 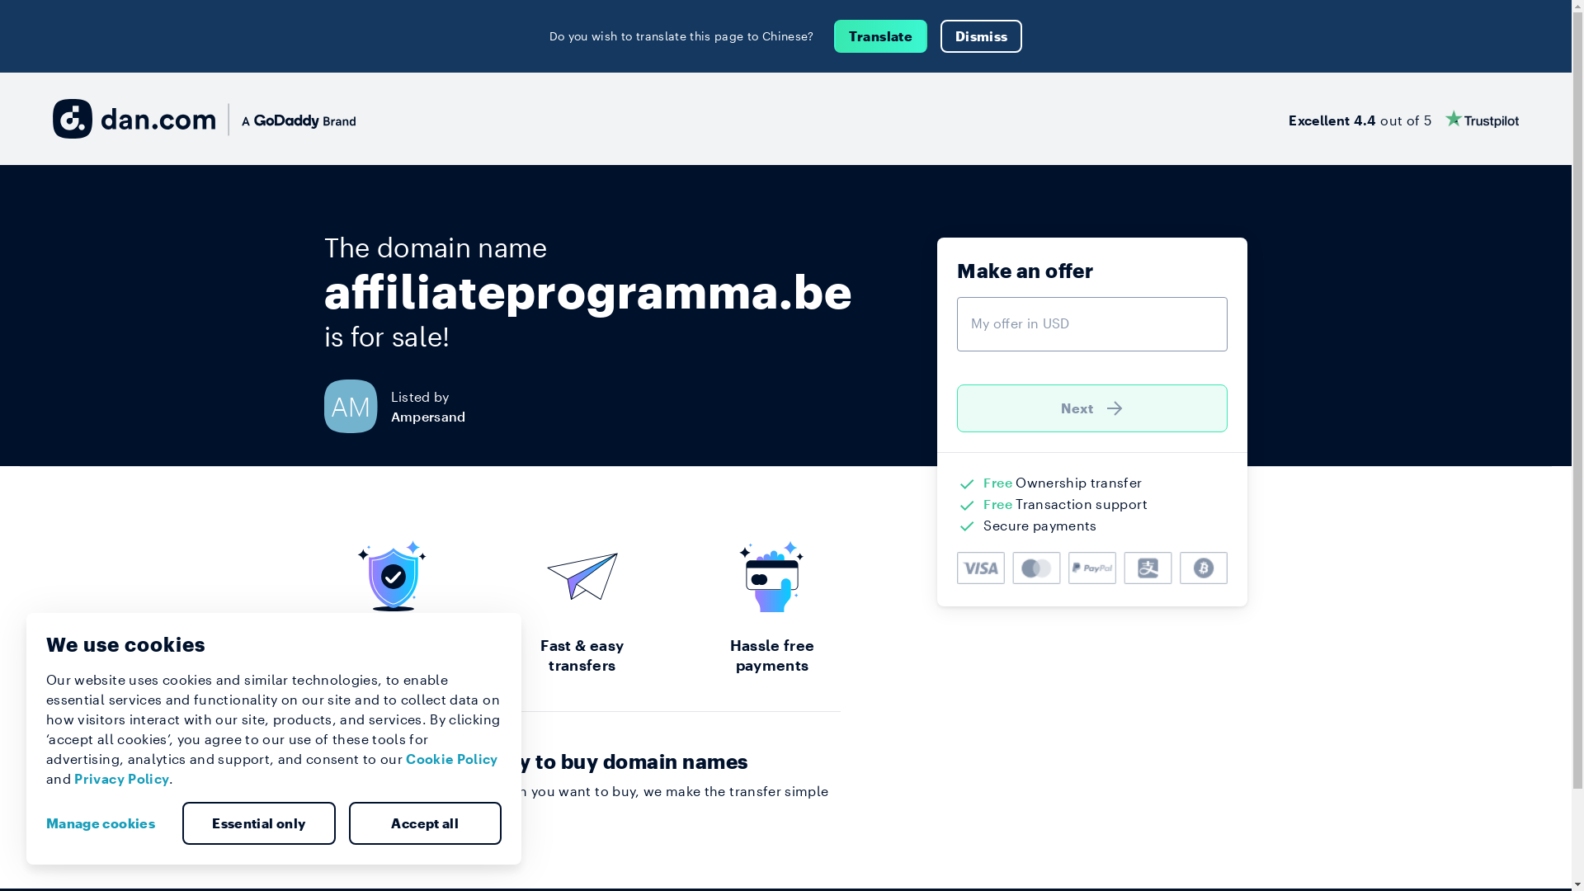 What do you see at coordinates (424, 823) in the screenshot?
I see `'Accept all'` at bounding box center [424, 823].